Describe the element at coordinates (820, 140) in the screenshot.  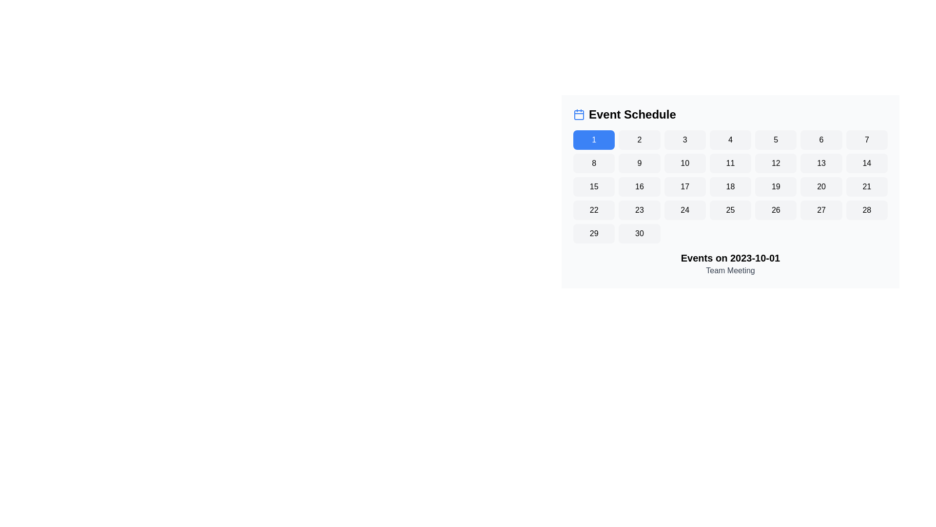
I see `the calendar button representing the sixth day` at that location.